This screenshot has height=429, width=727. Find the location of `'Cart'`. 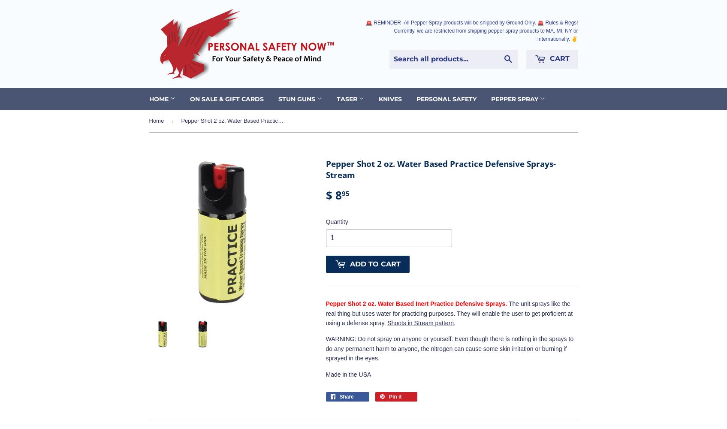

'Cart' is located at coordinates (546, 58).